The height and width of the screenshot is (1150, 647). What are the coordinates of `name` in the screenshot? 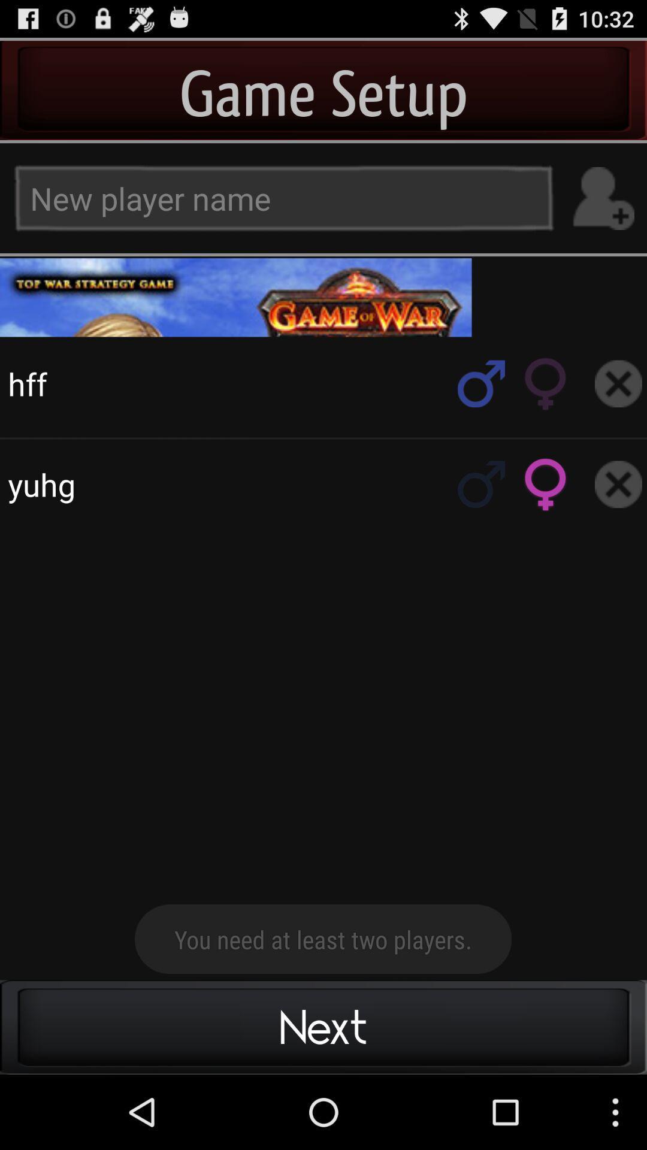 It's located at (603, 198).